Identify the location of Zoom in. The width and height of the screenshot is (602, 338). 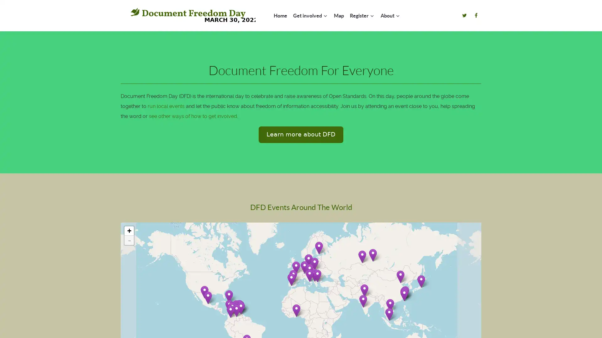
(129, 230).